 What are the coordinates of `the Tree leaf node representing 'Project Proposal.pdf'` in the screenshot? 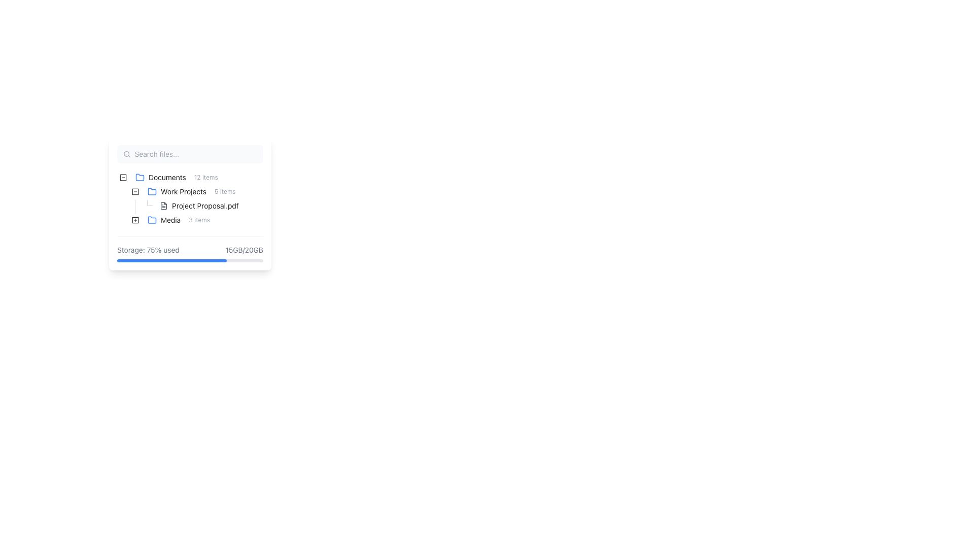 It's located at (184, 205).